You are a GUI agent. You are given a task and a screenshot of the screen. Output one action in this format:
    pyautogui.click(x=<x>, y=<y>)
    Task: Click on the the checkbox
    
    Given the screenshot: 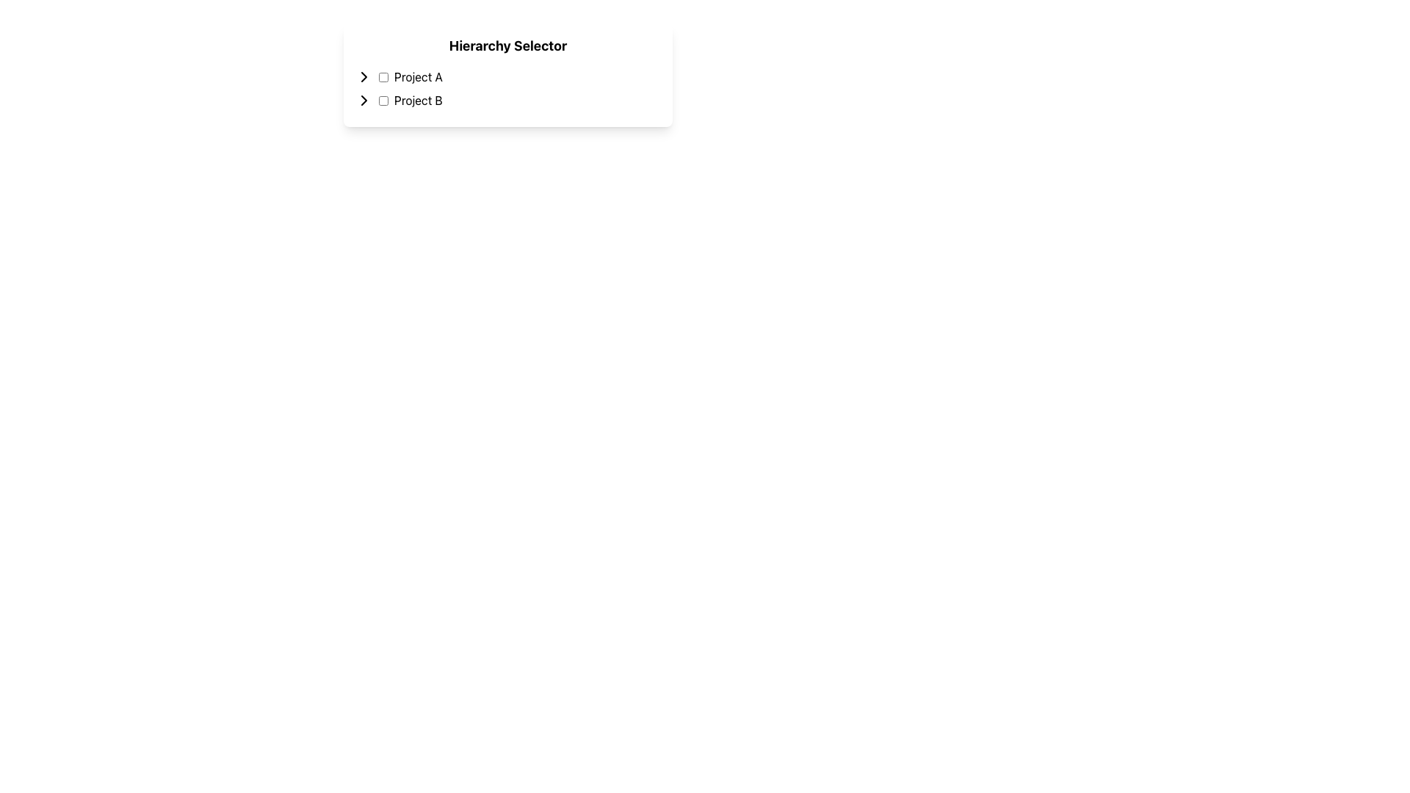 What is the action you would take?
    pyautogui.click(x=383, y=76)
    